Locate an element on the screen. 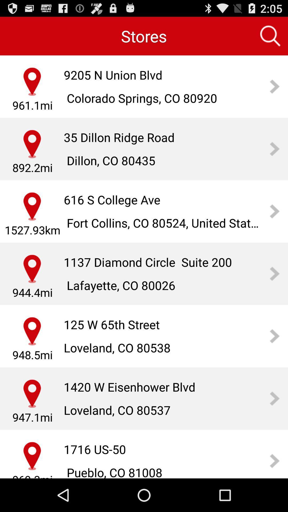 This screenshot has height=512, width=288. the search icon is located at coordinates (270, 38).